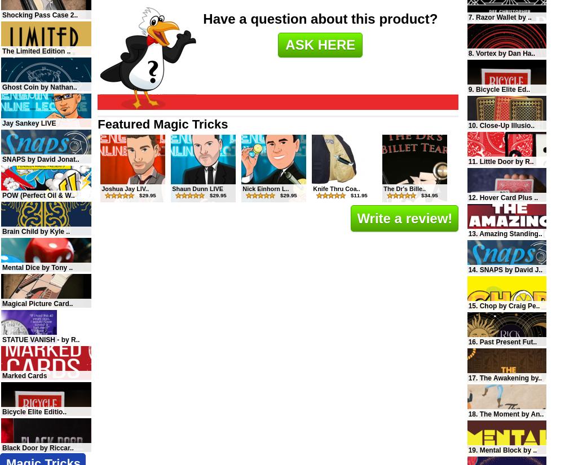 The image size is (565, 465). What do you see at coordinates (499, 17) in the screenshot?
I see `'7. Razor Wallet by ..'` at bounding box center [499, 17].